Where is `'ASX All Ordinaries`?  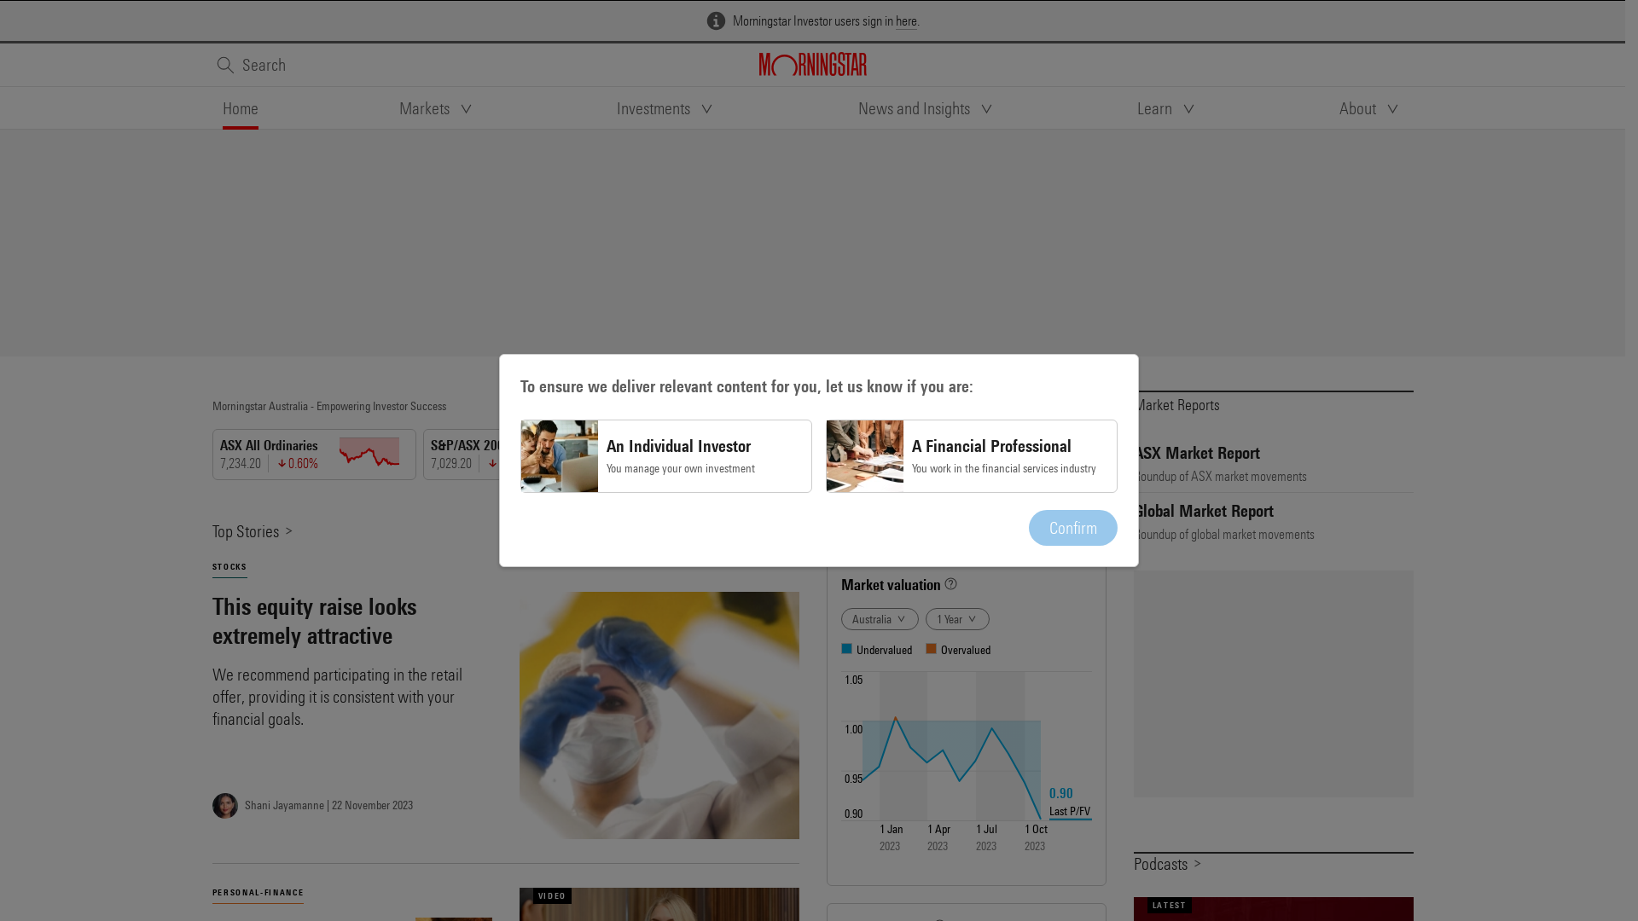
'ASX All Ordinaries is located at coordinates (317, 453).